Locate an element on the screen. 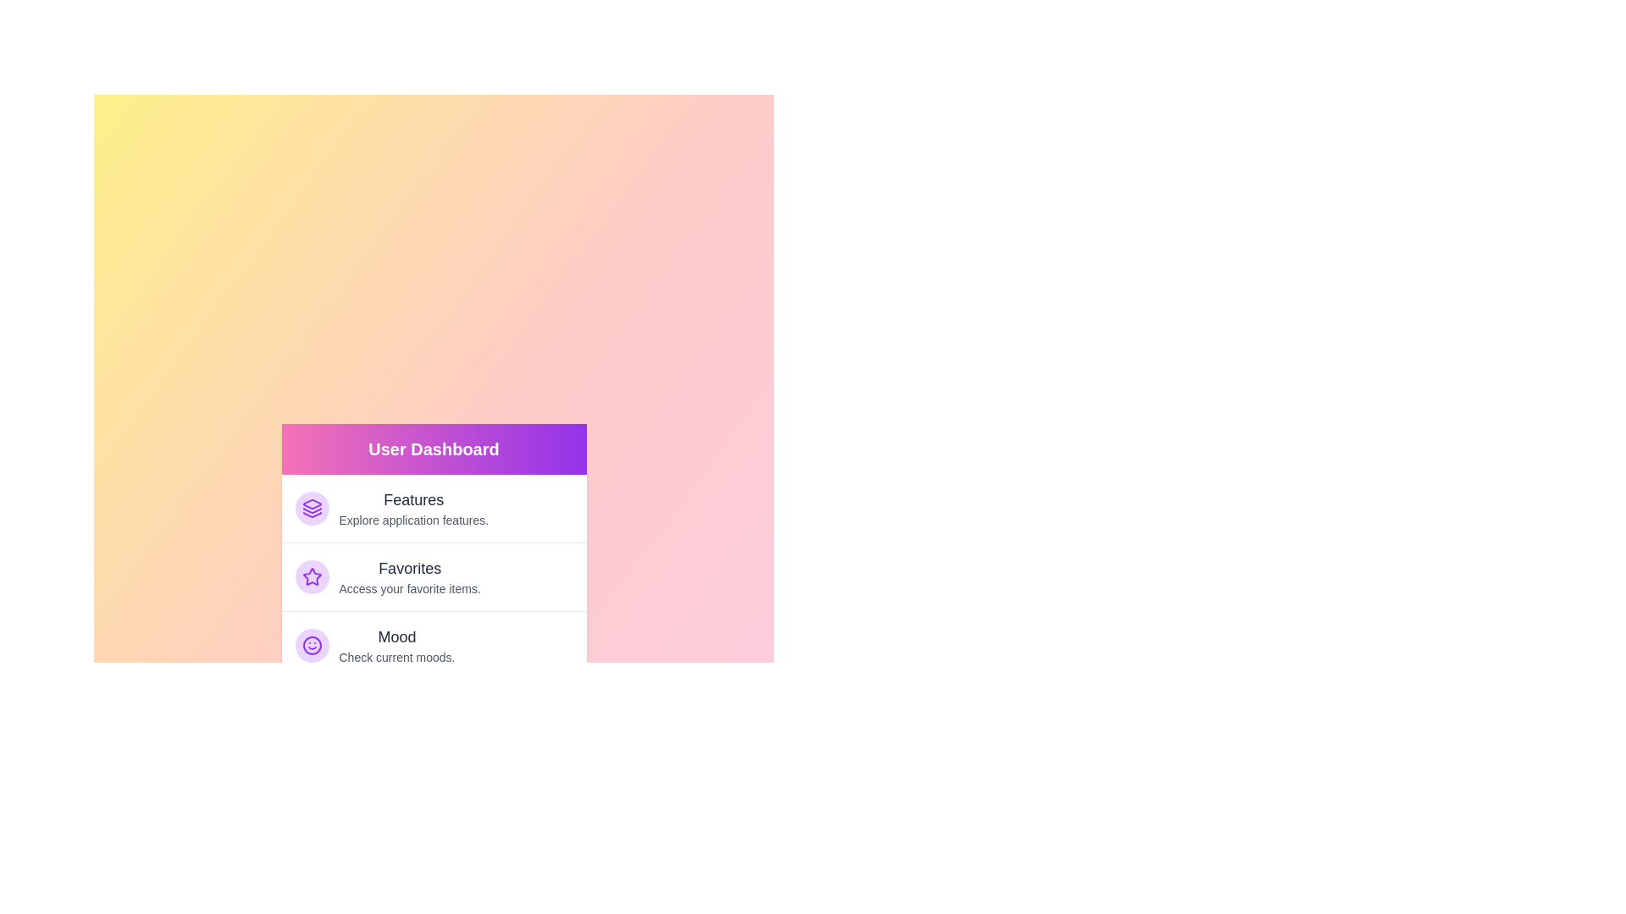 This screenshot has width=1626, height=914. the menu item labeled Features to navigate to its associated feature is located at coordinates (434, 508).